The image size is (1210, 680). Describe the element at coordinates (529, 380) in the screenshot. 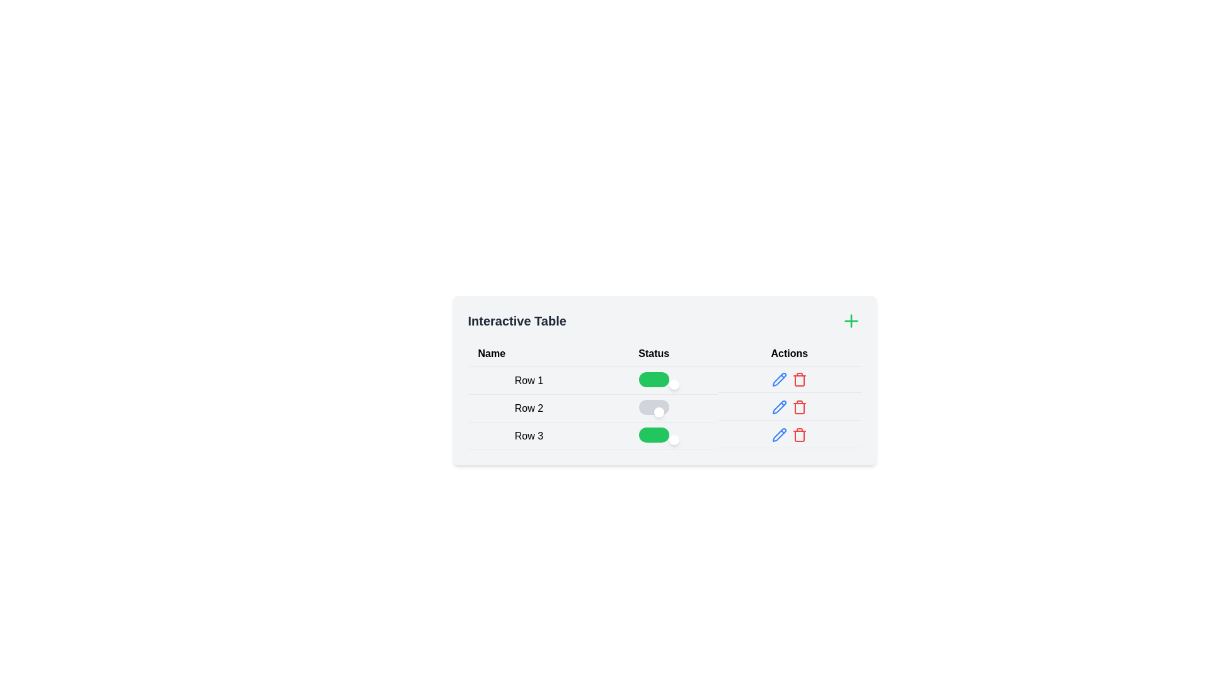

I see `the text element displaying 'Row 1' in the first row of the table under the 'Name' column` at that location.